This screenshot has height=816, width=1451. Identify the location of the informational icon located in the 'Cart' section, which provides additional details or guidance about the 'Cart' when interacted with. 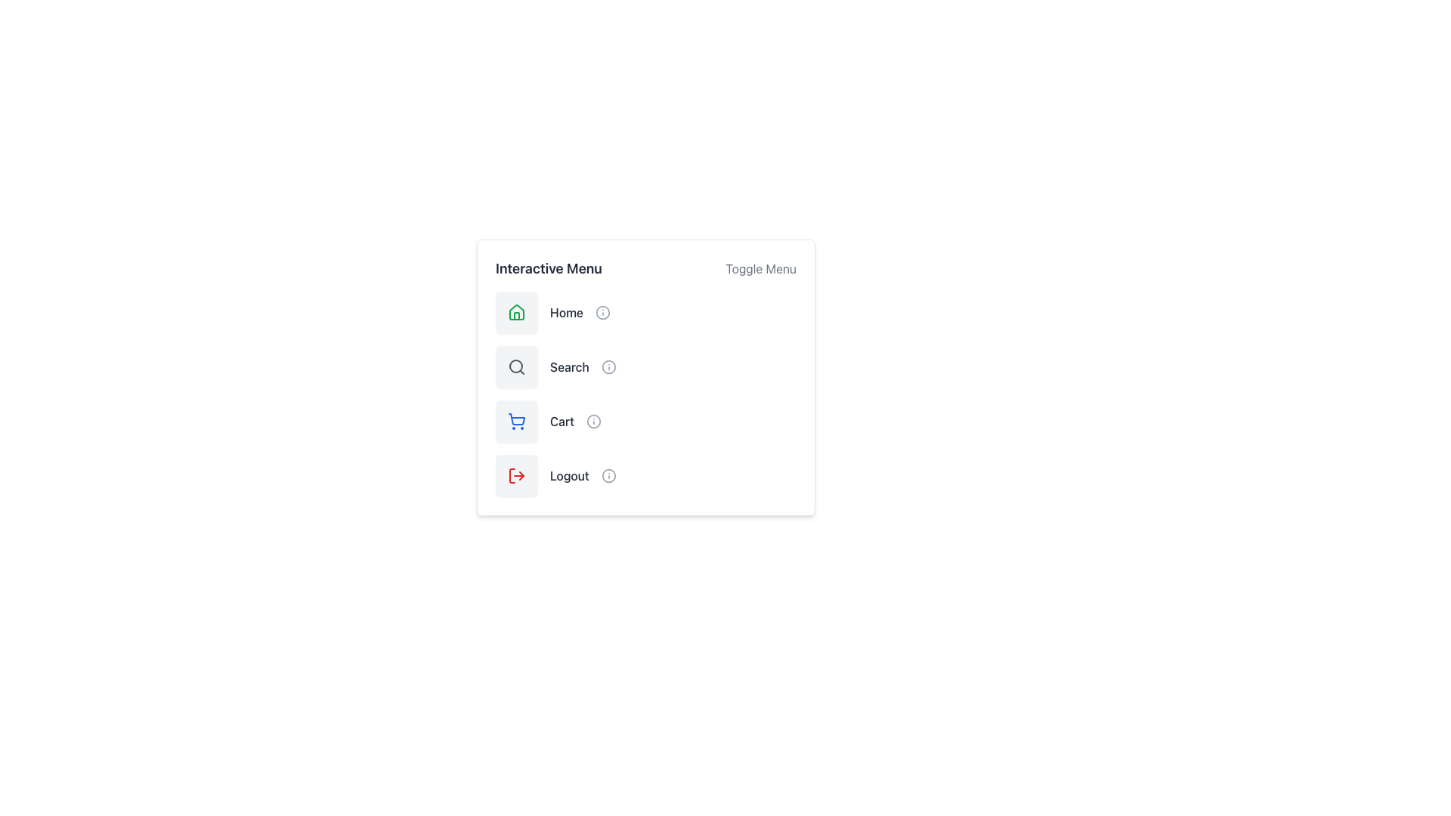
(593, 422).